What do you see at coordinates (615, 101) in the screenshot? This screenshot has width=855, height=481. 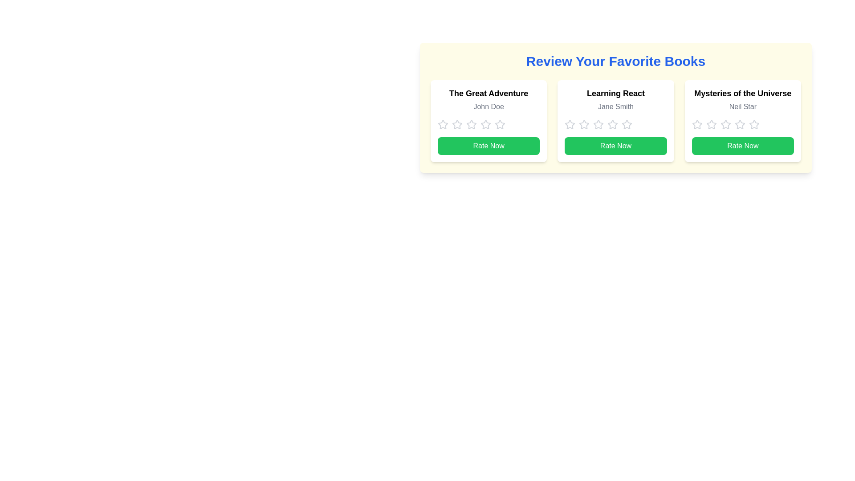 I see `the title of the book and the author's name displayed at the top-middle of the second card in a three-card horizontal row` at bounding box center [615, 101].